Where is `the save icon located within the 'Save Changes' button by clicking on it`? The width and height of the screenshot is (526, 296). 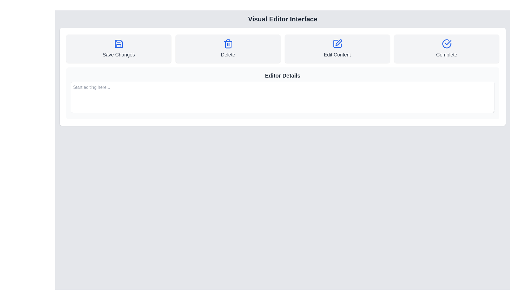 the save icon located within the 'Save Changes' button by clicking on it is located at coordinates (118, 43).